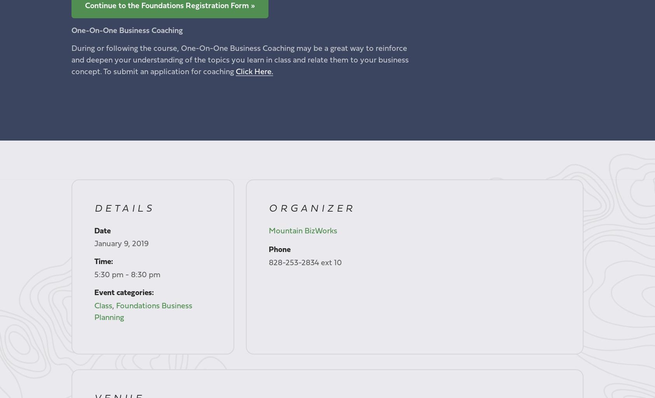  What do you see at coordinates (303, 231) in the screenshot?
I see `'Mountain BizWorks'` at bounding box center [303, 231].